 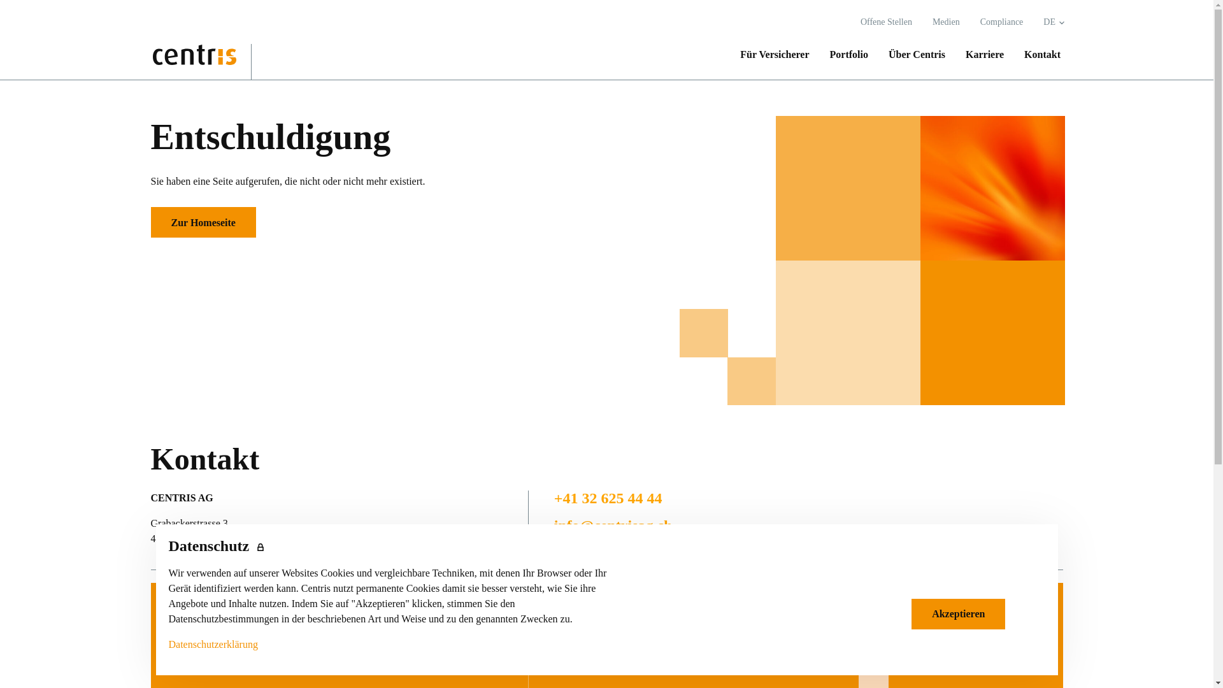 What do you see at coordinates (958, 613) in the screenshot?
I see `'Akzeptieren'` at bounding box center [958, 613].